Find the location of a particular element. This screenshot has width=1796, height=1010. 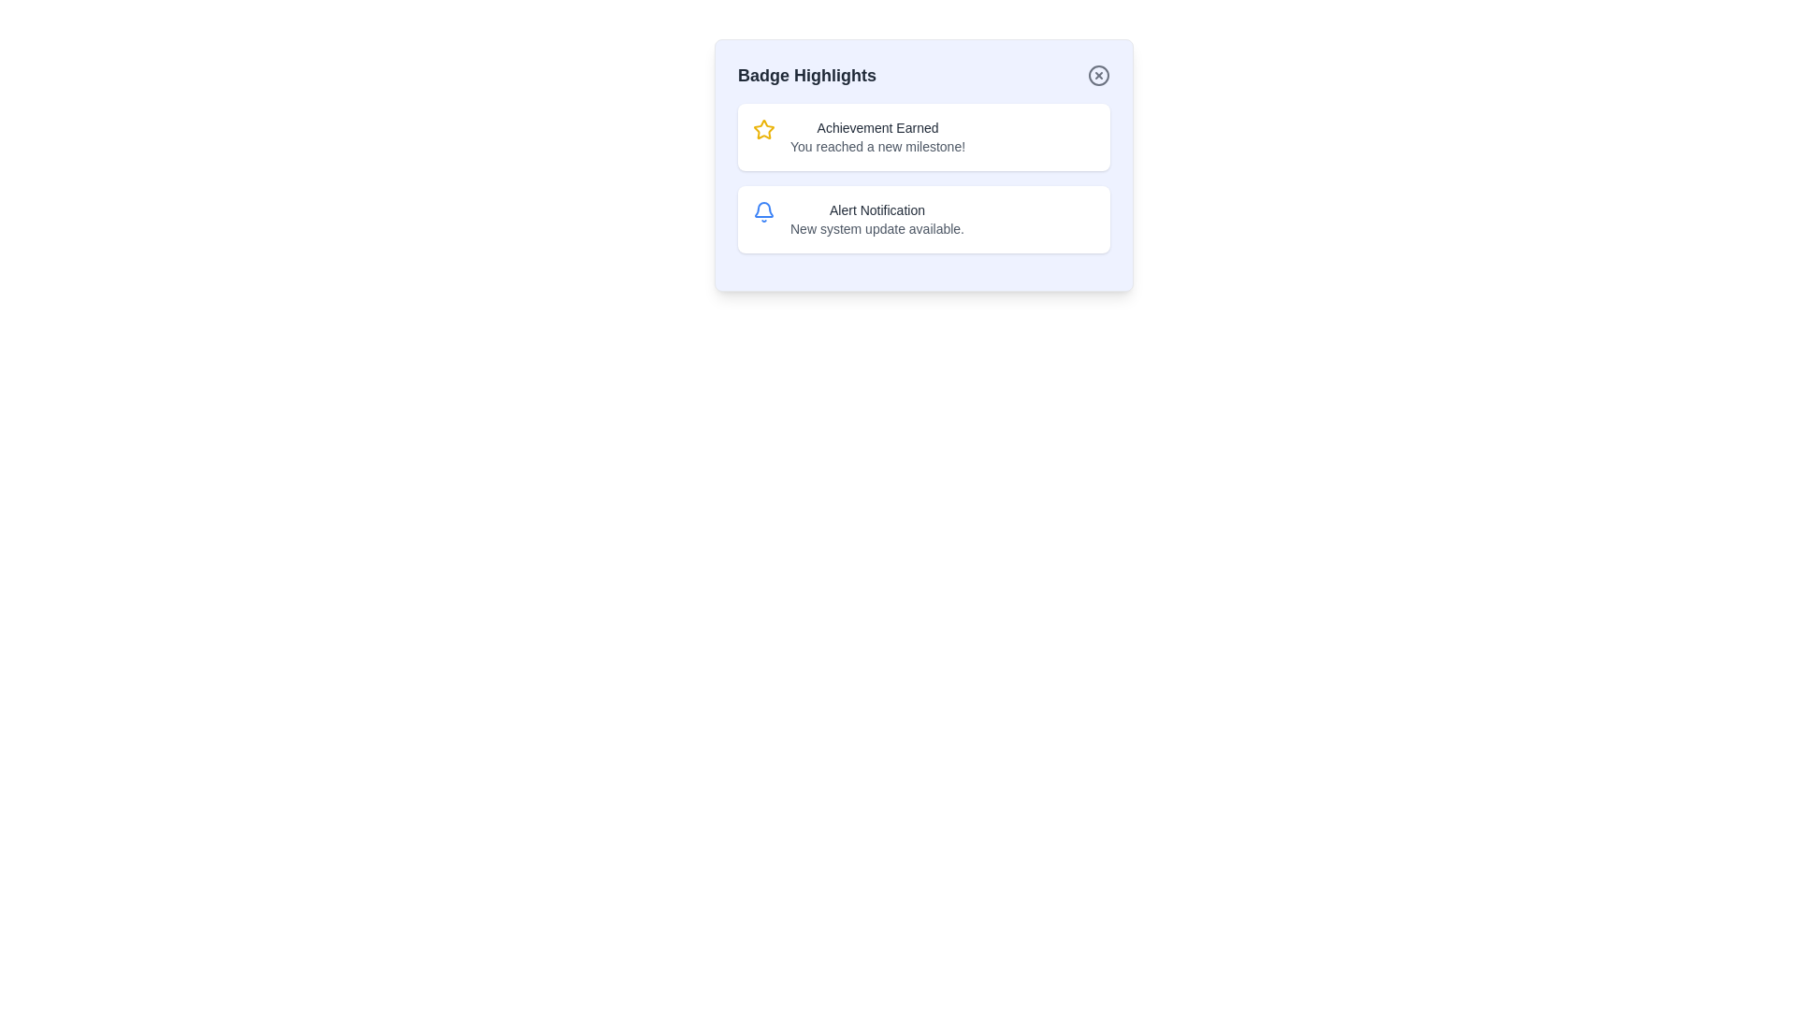

the small circle-shaped close button with an 'X' symbol located in the top-right corner of the 'Badge Highlights' section is located at coordinates (1099, 75).